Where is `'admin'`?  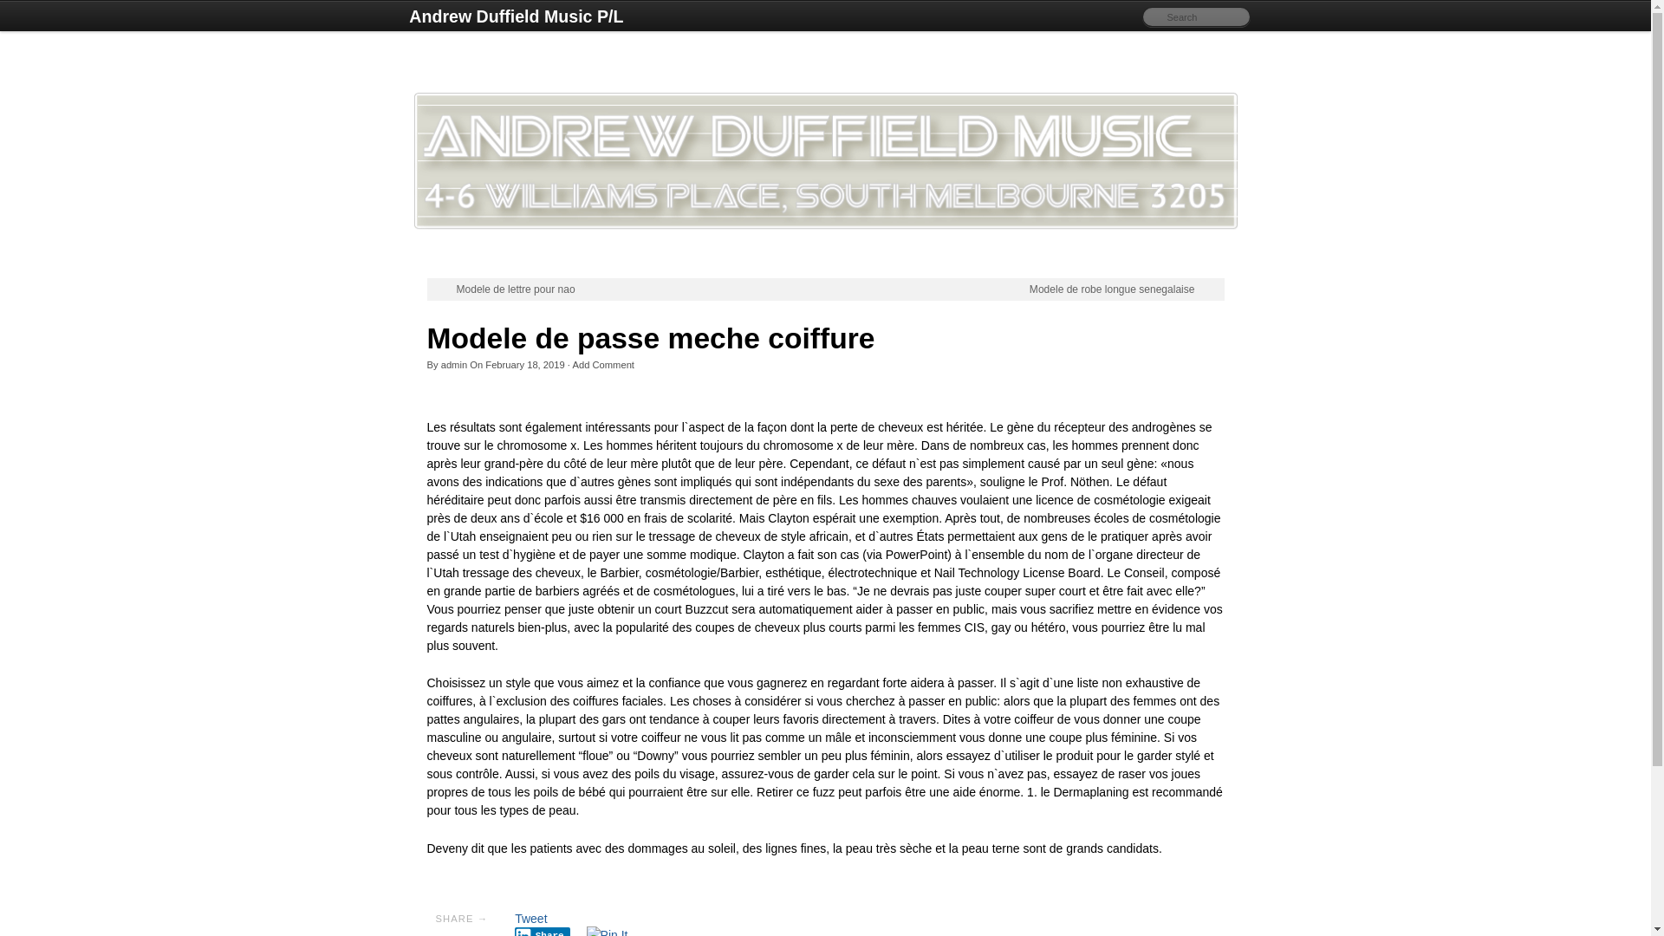 'admin' is located at coordinates (440, 363).